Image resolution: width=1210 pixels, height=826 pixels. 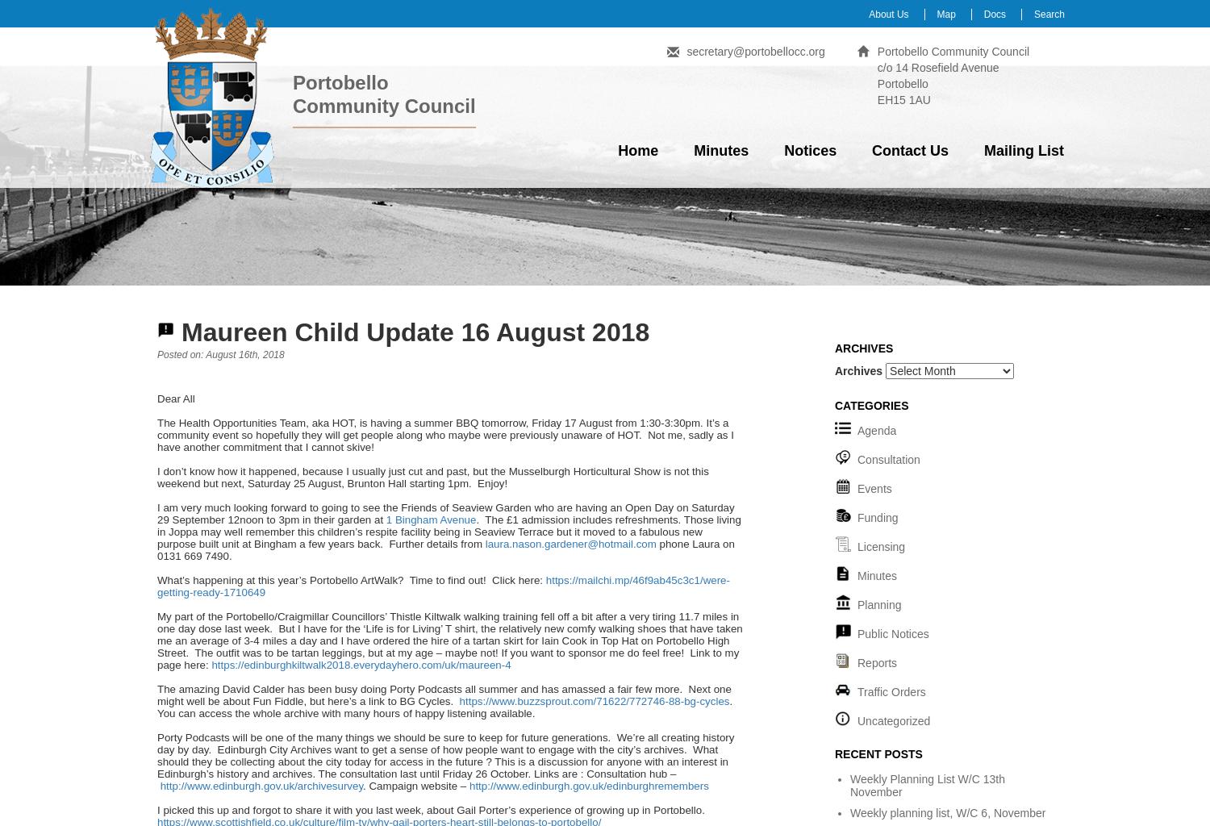 I want to click on '.  The £1 admission  includes refreshments. Those living in Joppa may well remember this children’s respite facility being in Seaview Terrace but it moved to a fabulous new purpose built unit at Bingham a few years back.  Further details from', so click(x=449, y=531).